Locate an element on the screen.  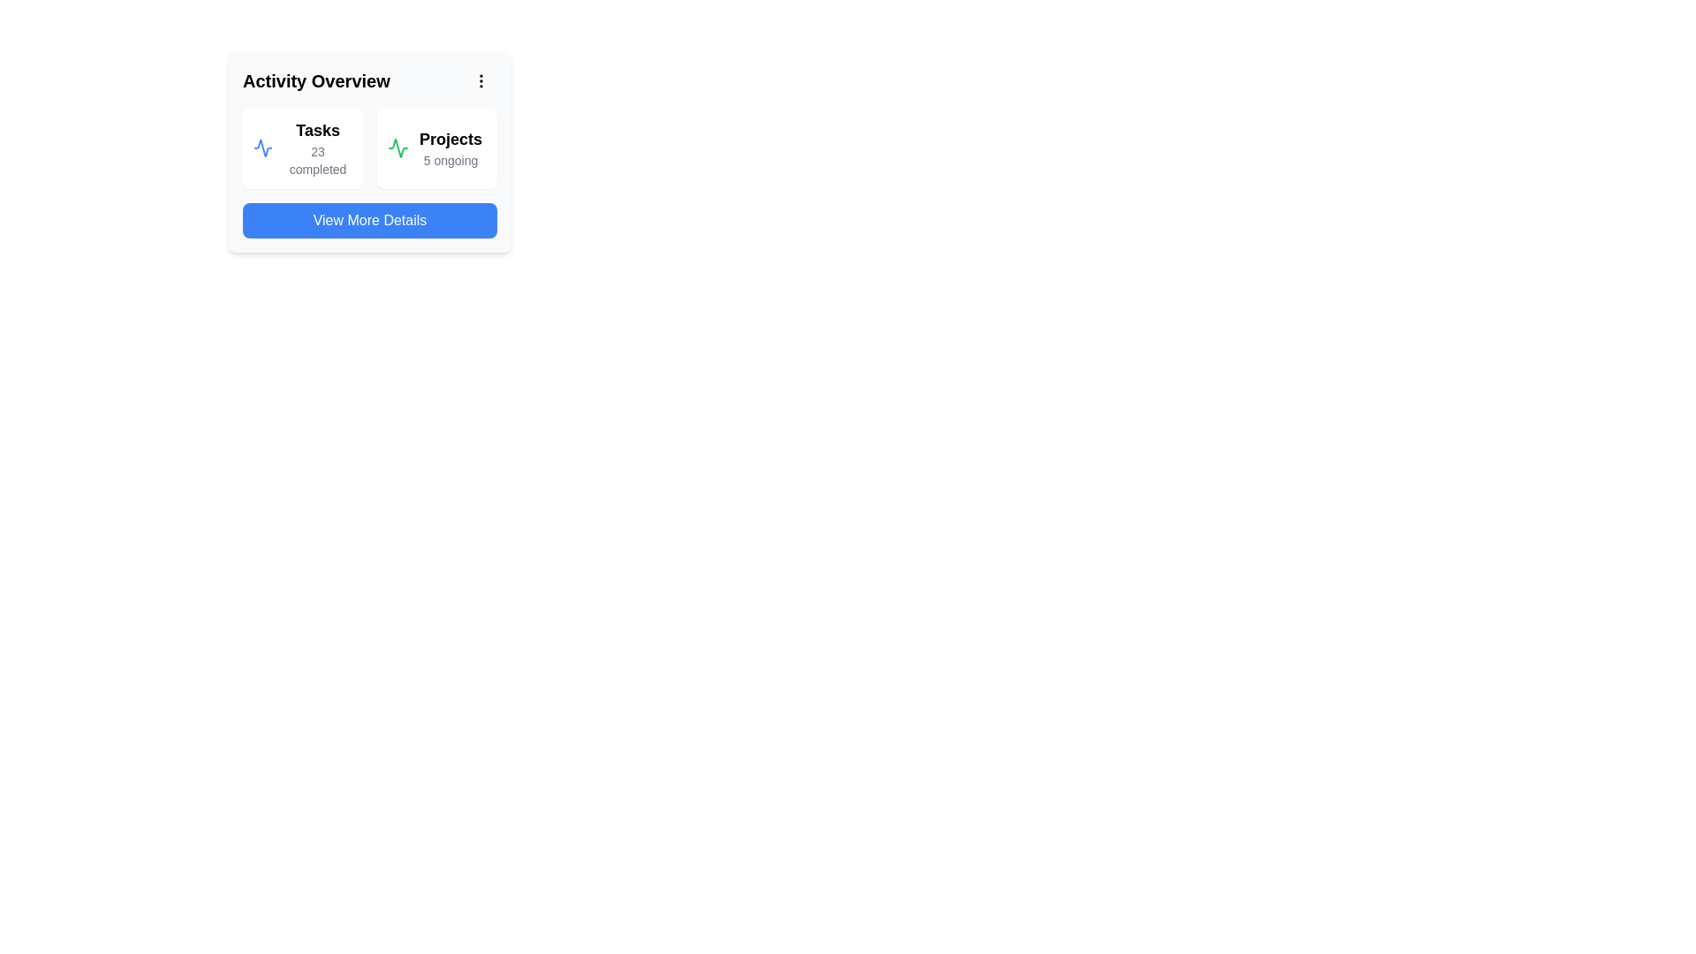
the 'Tasks' graphical icon in the 'Activity Overview' card for accessibility purposes is located at coordinates (262, 148).